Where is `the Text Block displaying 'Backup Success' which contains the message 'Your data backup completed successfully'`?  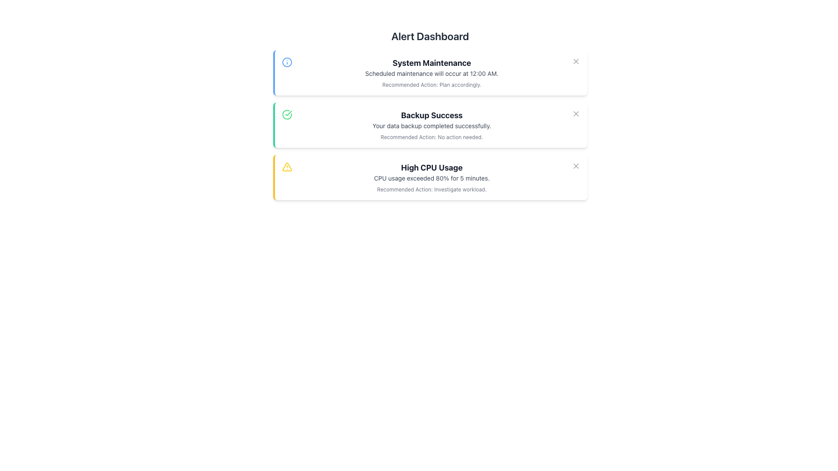
the Text Block displaying 'Backup Success' which contains the message 'Your data backup completed successfully' is located at coordinates (432, 125).